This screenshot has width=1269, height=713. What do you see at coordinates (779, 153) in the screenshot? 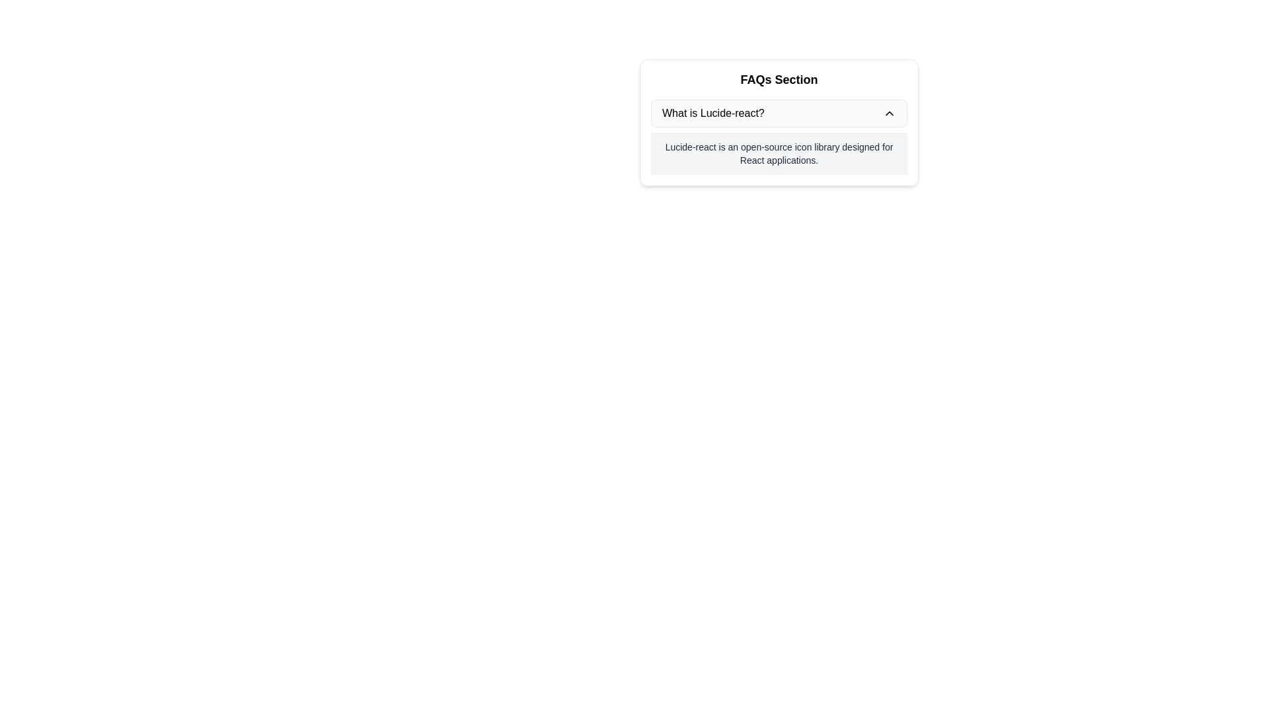
I see `the text display element that shows the statement 'Lucide-react is an open-source icon library designed for React applications.' This element is styled with a light gray background and dark gray text, located directly below the question 'What is Lucide-react?'` at bounding box center [779, 153].